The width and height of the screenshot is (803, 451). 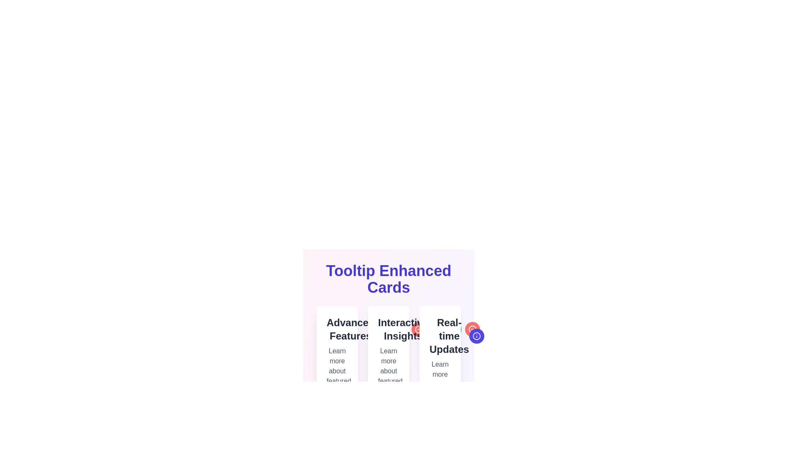 What do you see at coordinates (337, 329) in the screenshot?
I see `the interactive text 'Advanced Features' located at the top of the leftmost card in the grid of 'Tooltip Enhanced Cards'` at bounding box center [337, 329].